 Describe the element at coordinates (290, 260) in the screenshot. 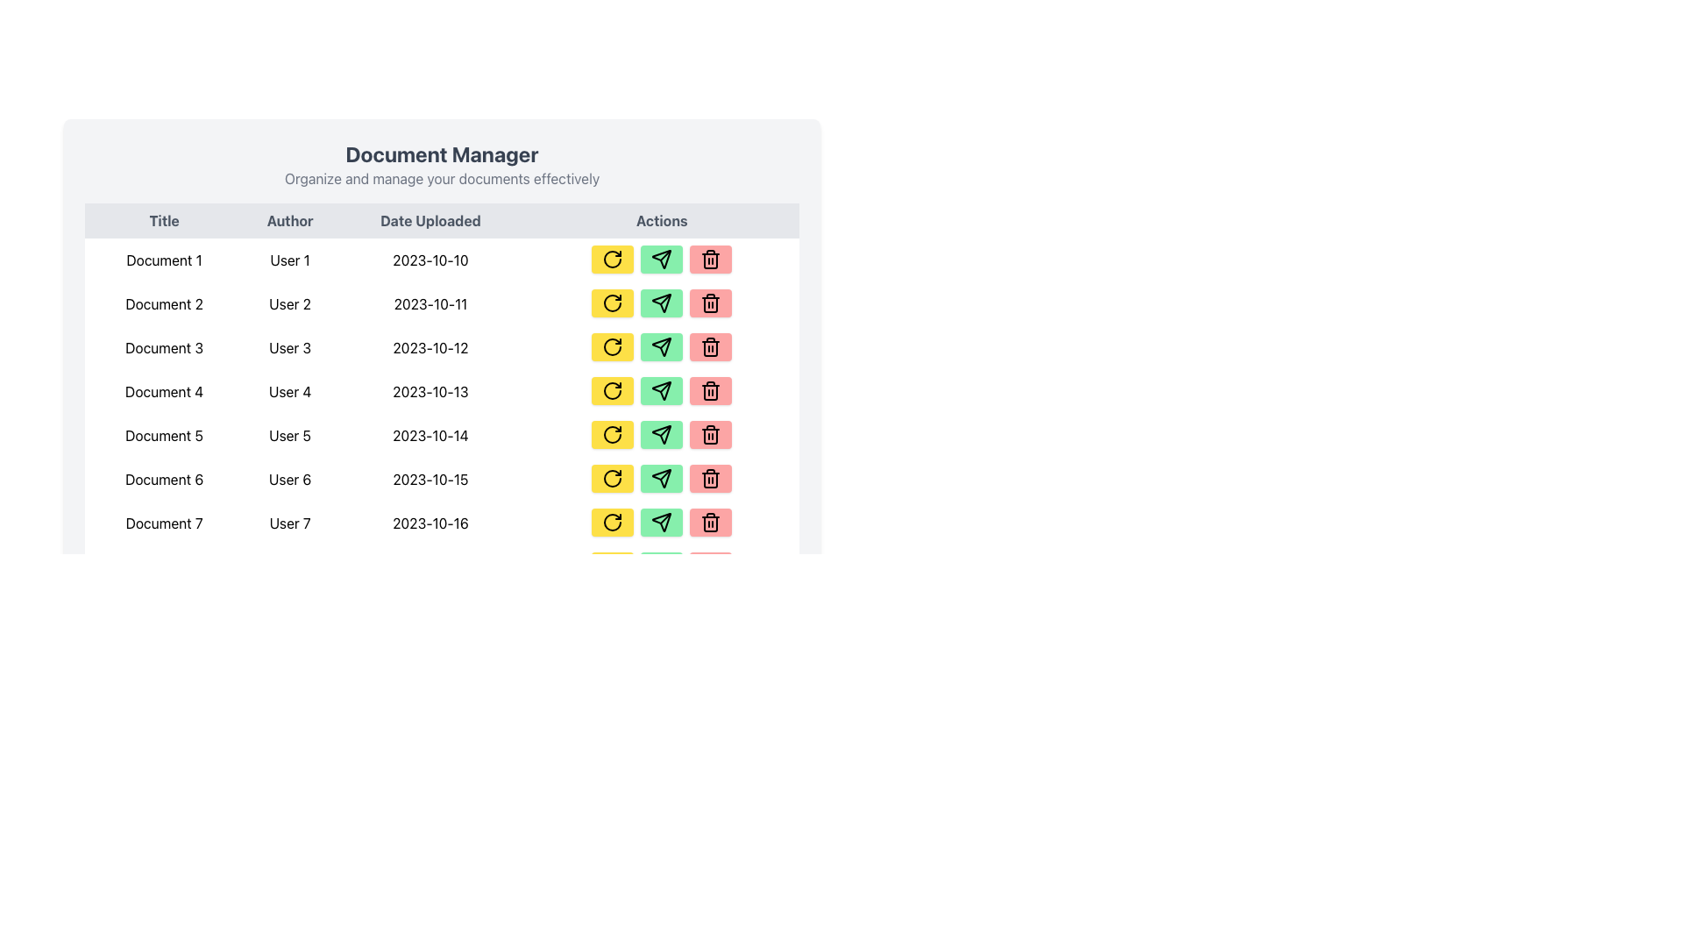

I see `the text label displaying 'User 1' in the 'Author' column of the first row in the table` at that location.